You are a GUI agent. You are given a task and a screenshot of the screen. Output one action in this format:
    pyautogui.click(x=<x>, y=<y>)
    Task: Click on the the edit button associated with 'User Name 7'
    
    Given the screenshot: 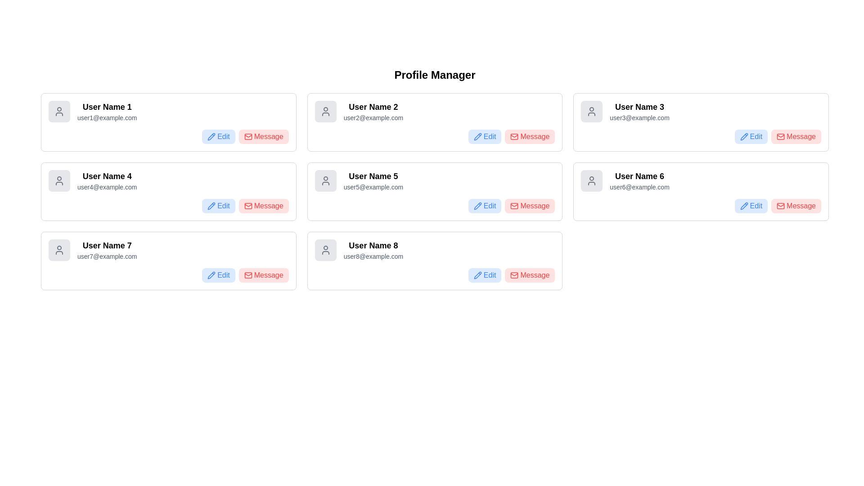 What is the action you would take?
    pyautogui.click(x=218, y=275)
    